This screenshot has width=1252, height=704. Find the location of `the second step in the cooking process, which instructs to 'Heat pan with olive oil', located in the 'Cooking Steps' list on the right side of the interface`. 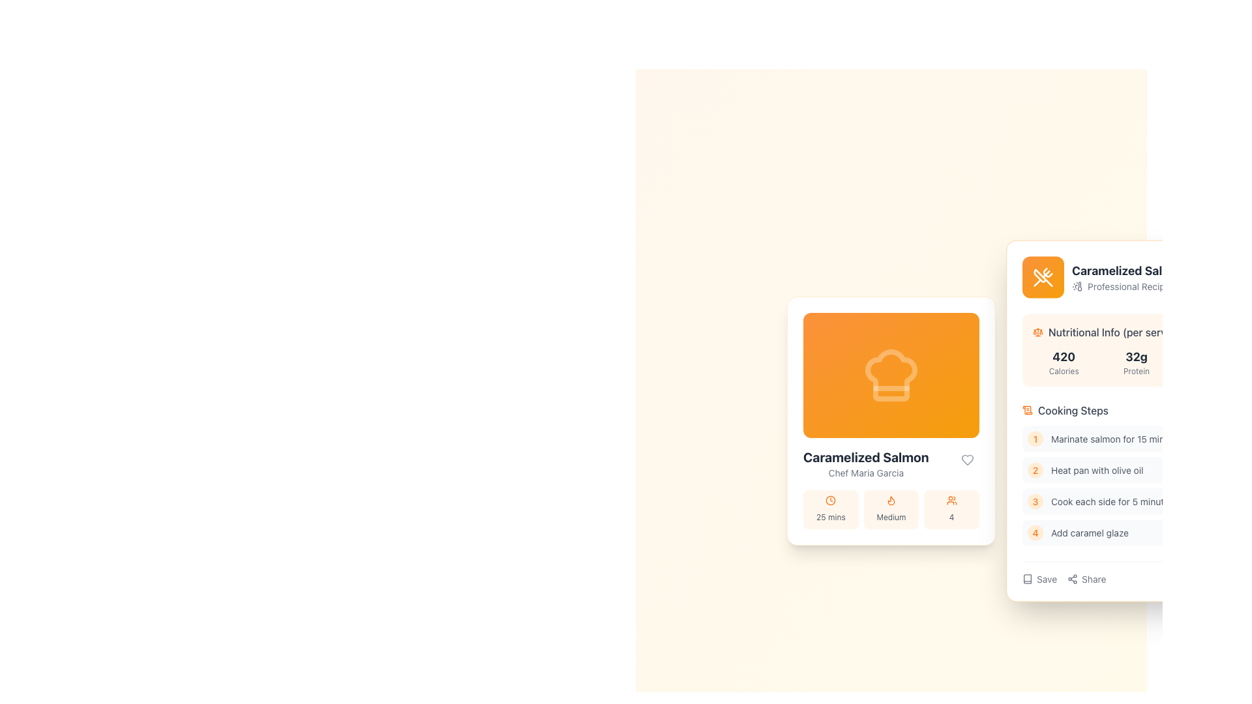

the second step in the cooking process, which instructs to 'Heat pan with olive oil', located in the 'Cooking Steps' list on the right side of the interface is located at coordinates (1135, 470).